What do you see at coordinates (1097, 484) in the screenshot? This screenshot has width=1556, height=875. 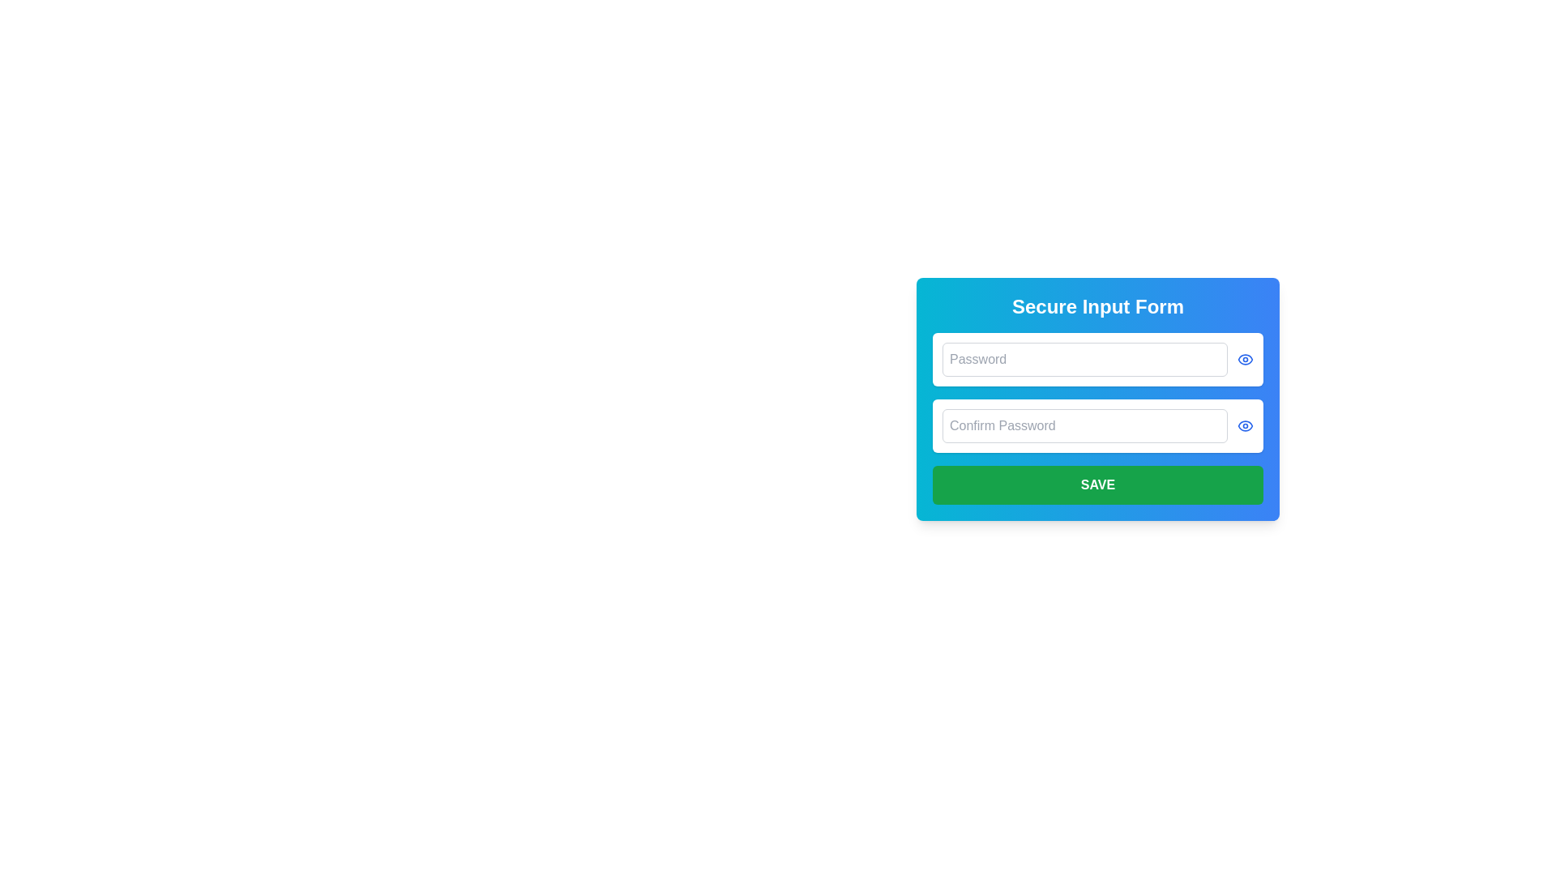 I see `the 'Save' button, which is a green rectangular button with bold white capitalized text, located at the bottom of the 'Secure Input Form' dialog` at bounding box center [1097, 484].